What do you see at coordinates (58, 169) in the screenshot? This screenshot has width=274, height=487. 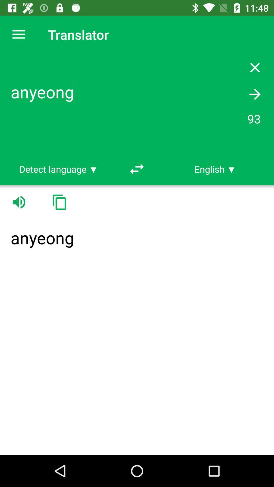 I see `item below the anyeong` at bounding box center [58, 169].